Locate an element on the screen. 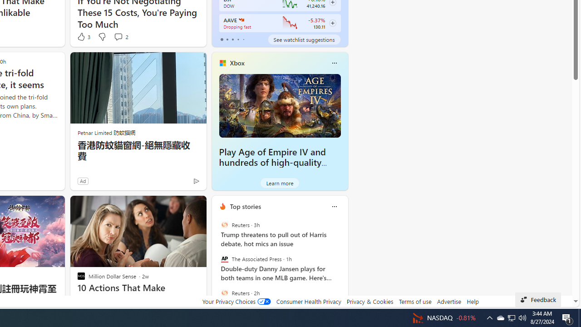 The image size is (581, 327). 'Class: icon-img' is located at coordinates (334, 207).